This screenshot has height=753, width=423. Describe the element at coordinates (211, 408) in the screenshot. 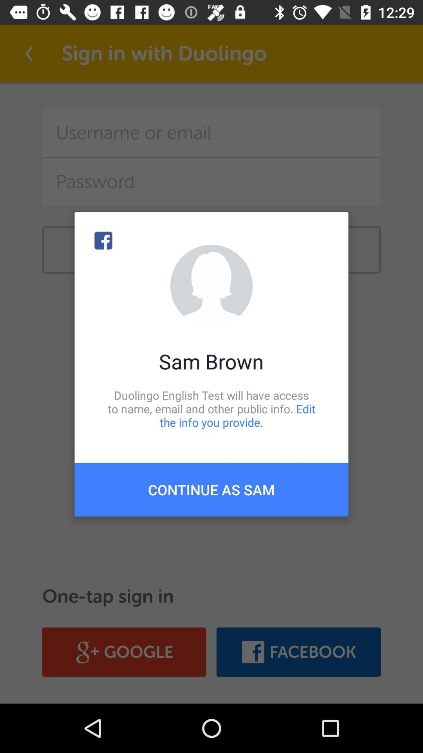

I see `the duolingo english test item` at that location.